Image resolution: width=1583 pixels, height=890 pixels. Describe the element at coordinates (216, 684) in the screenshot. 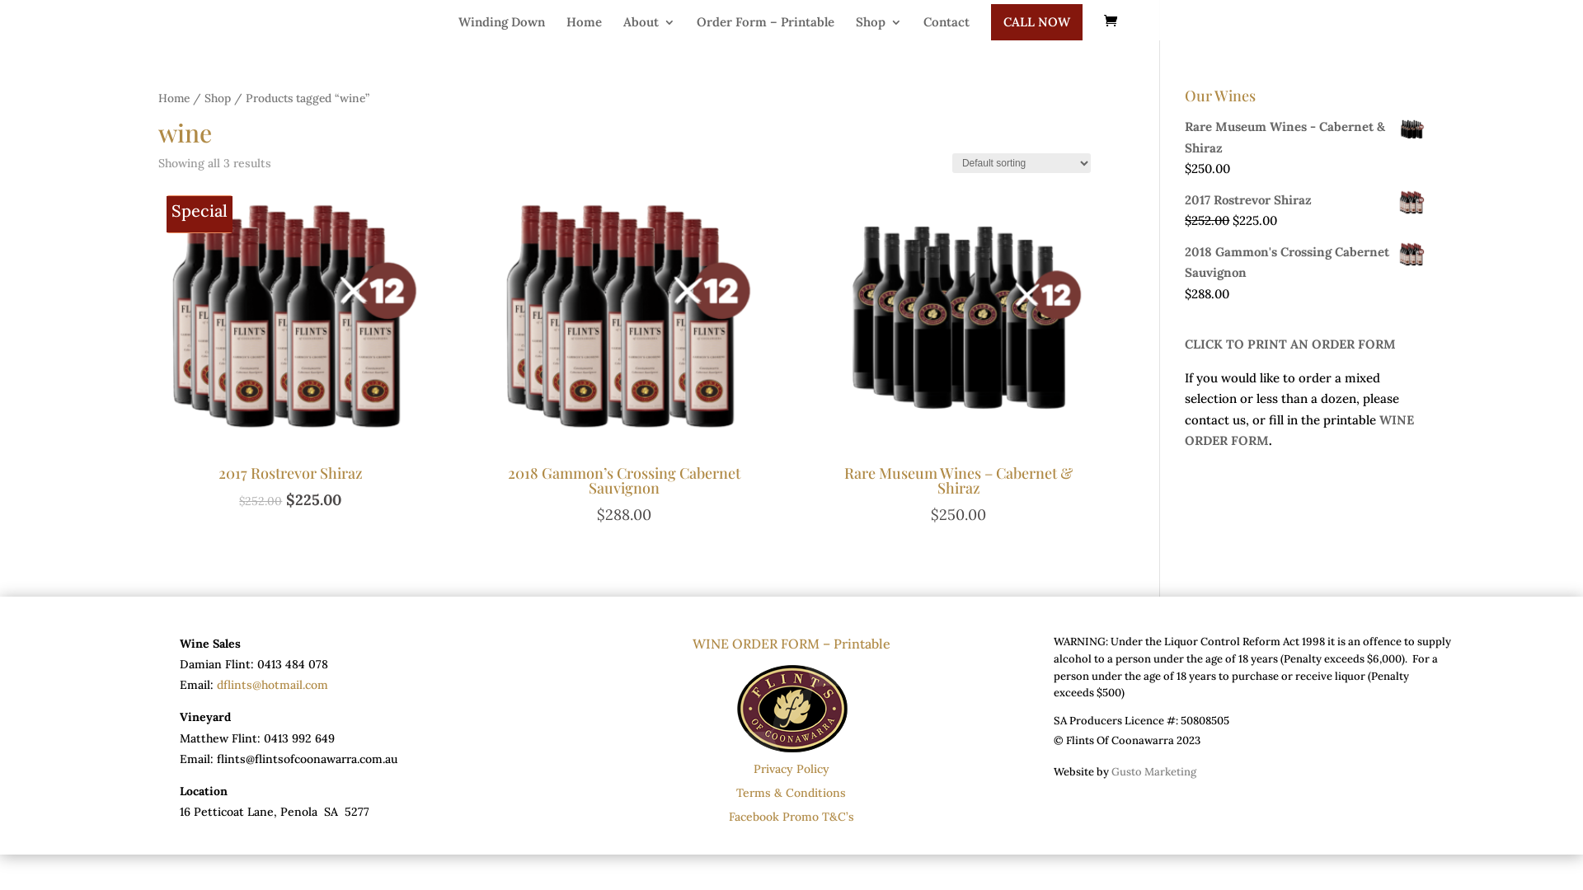

I see `'dflints@hotmail.com'` at that location.